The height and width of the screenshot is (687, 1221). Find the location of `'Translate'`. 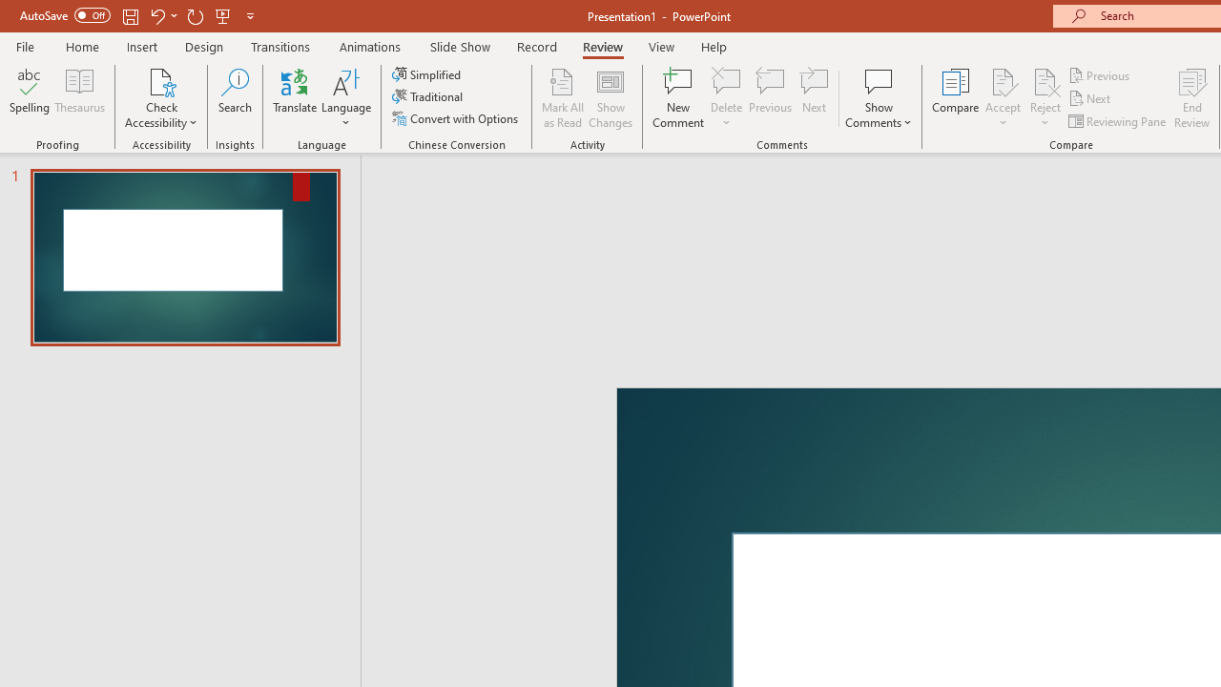

'Translate' is located at coordinates (294, 98).